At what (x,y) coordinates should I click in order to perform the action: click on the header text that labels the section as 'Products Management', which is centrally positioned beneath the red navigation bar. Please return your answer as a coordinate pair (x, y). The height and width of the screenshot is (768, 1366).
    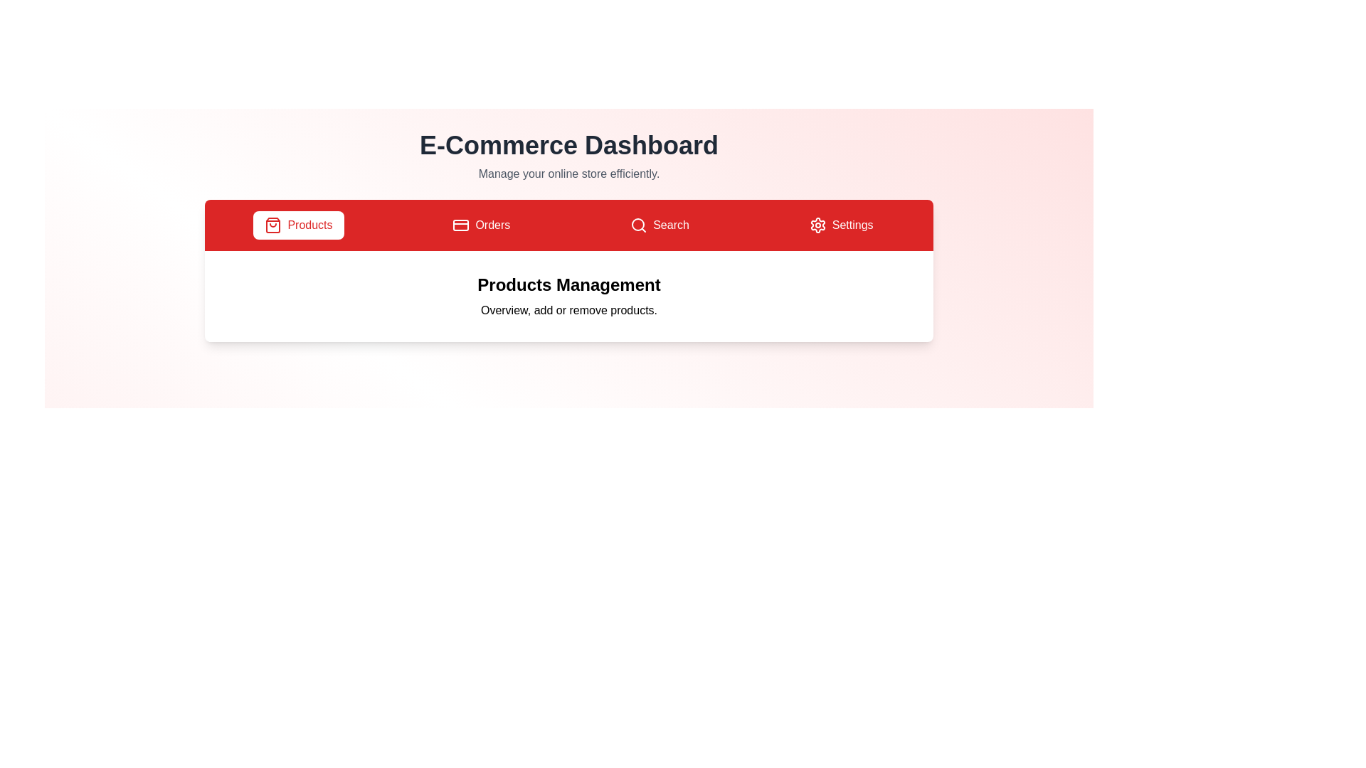
    Looking at the image, I should click on (569, 285).